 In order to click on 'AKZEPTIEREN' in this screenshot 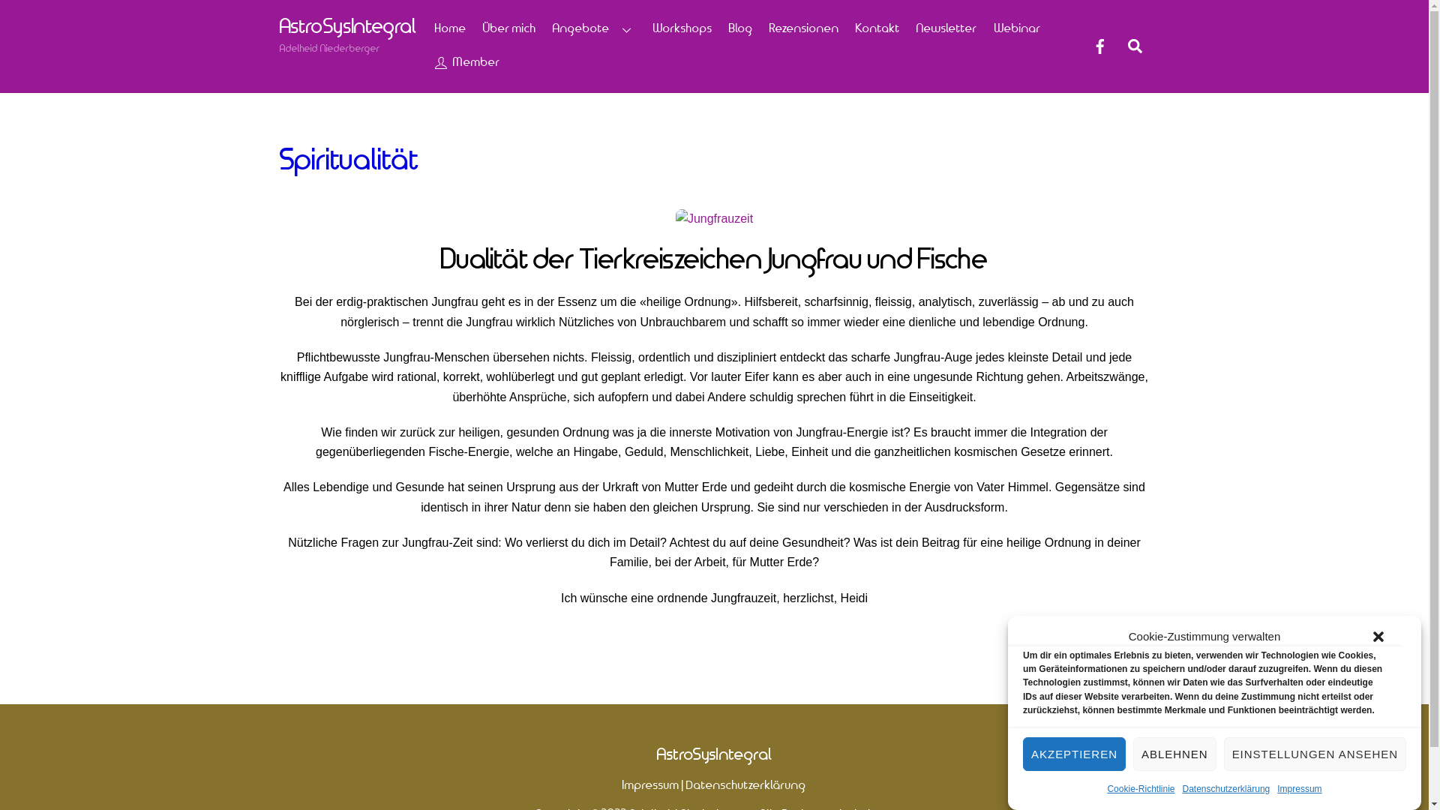, I will do `click(1073, 754)`.